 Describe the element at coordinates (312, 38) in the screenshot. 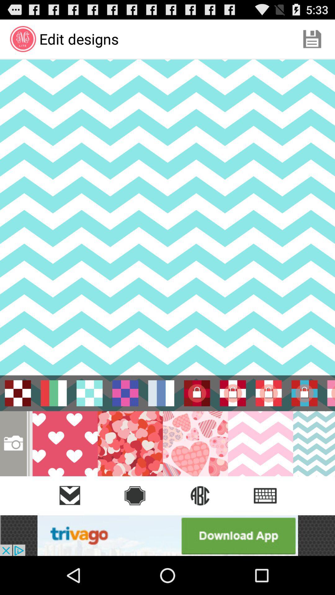

I see `the item next to the edit designs icon` at that location.